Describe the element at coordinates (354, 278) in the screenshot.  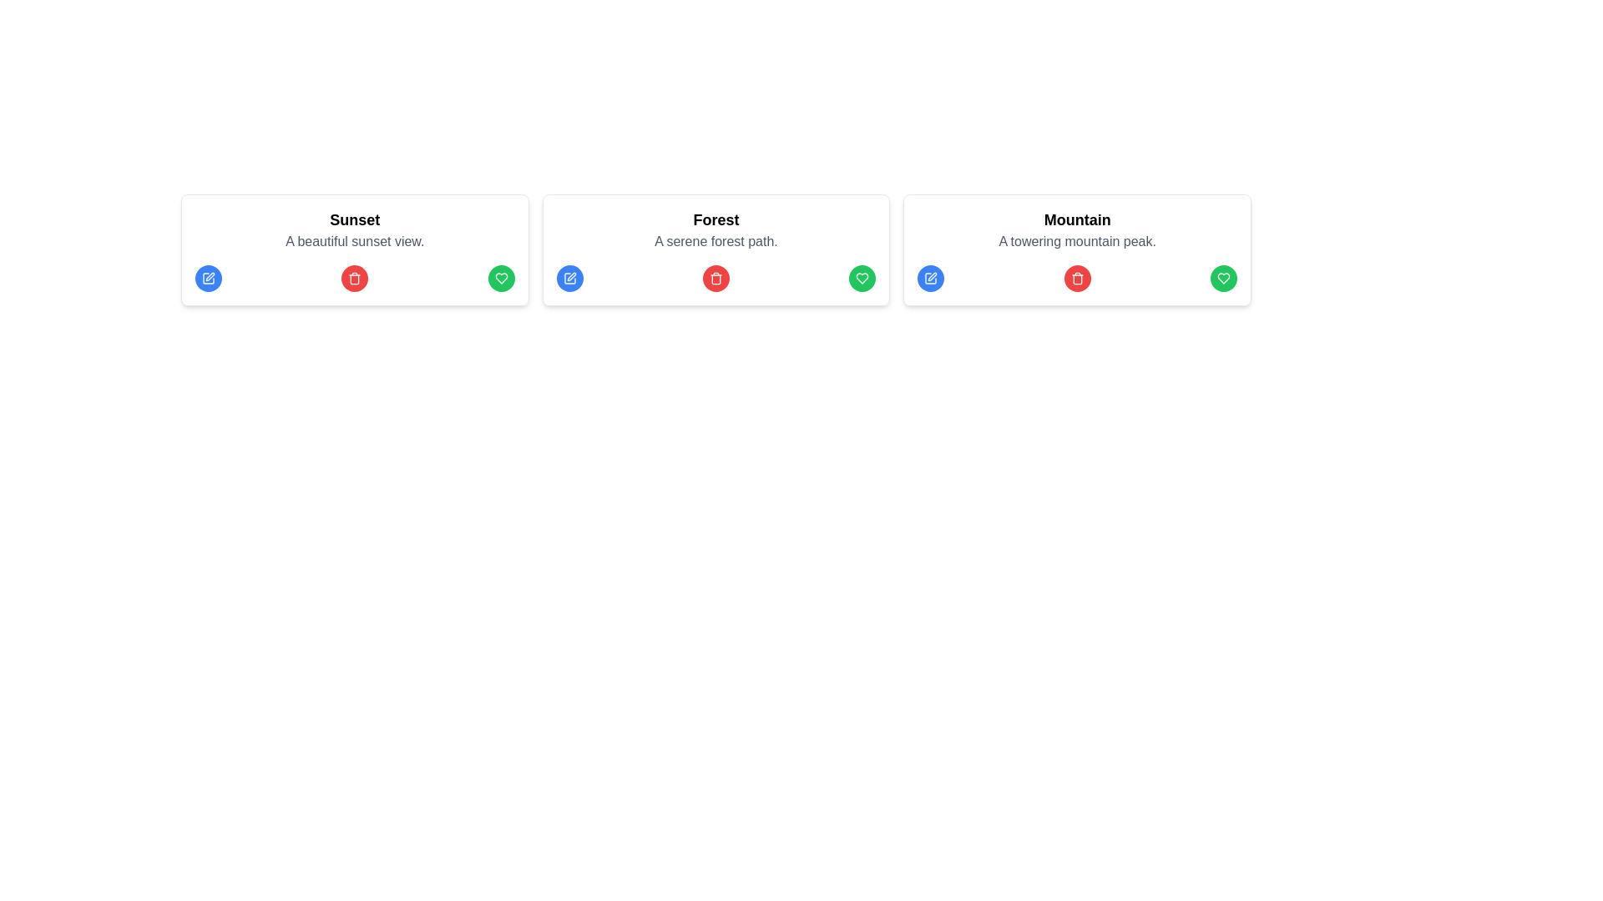
I see `the trash can icon embedded within the red circular button` at that location.